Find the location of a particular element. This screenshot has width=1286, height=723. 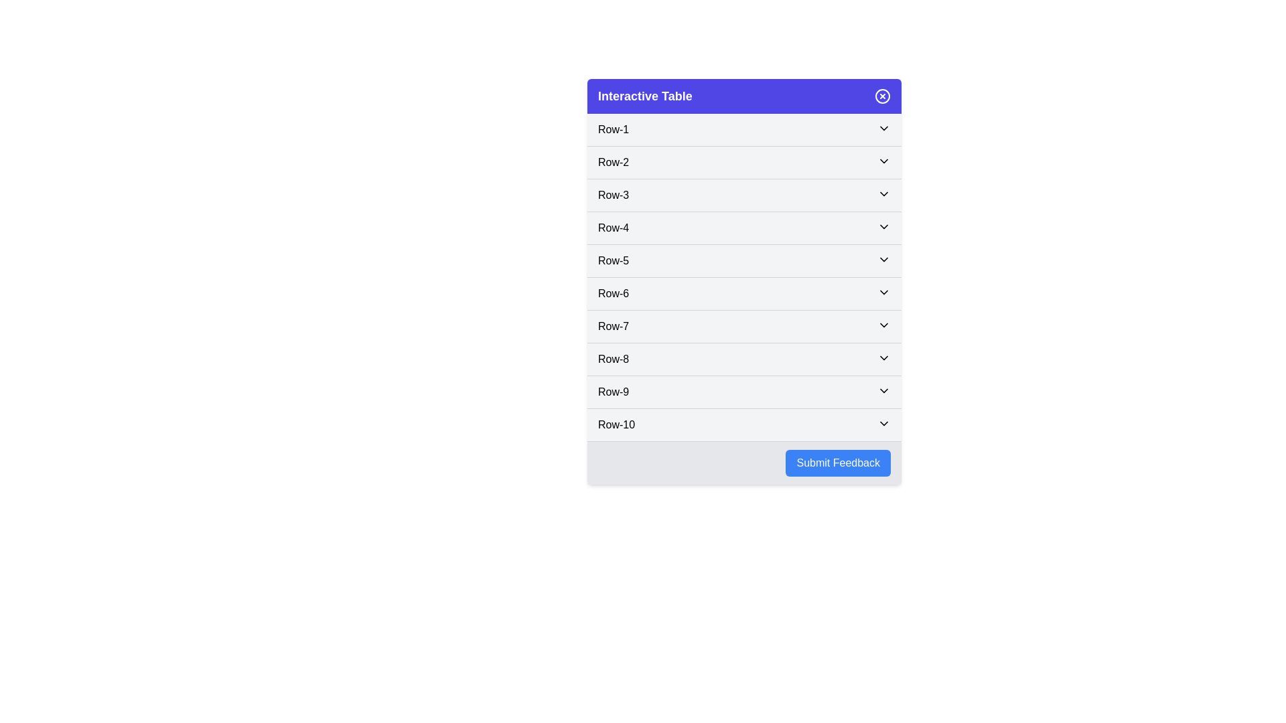

the close button in the header of the interactive table is located at coordinates (883, 95).